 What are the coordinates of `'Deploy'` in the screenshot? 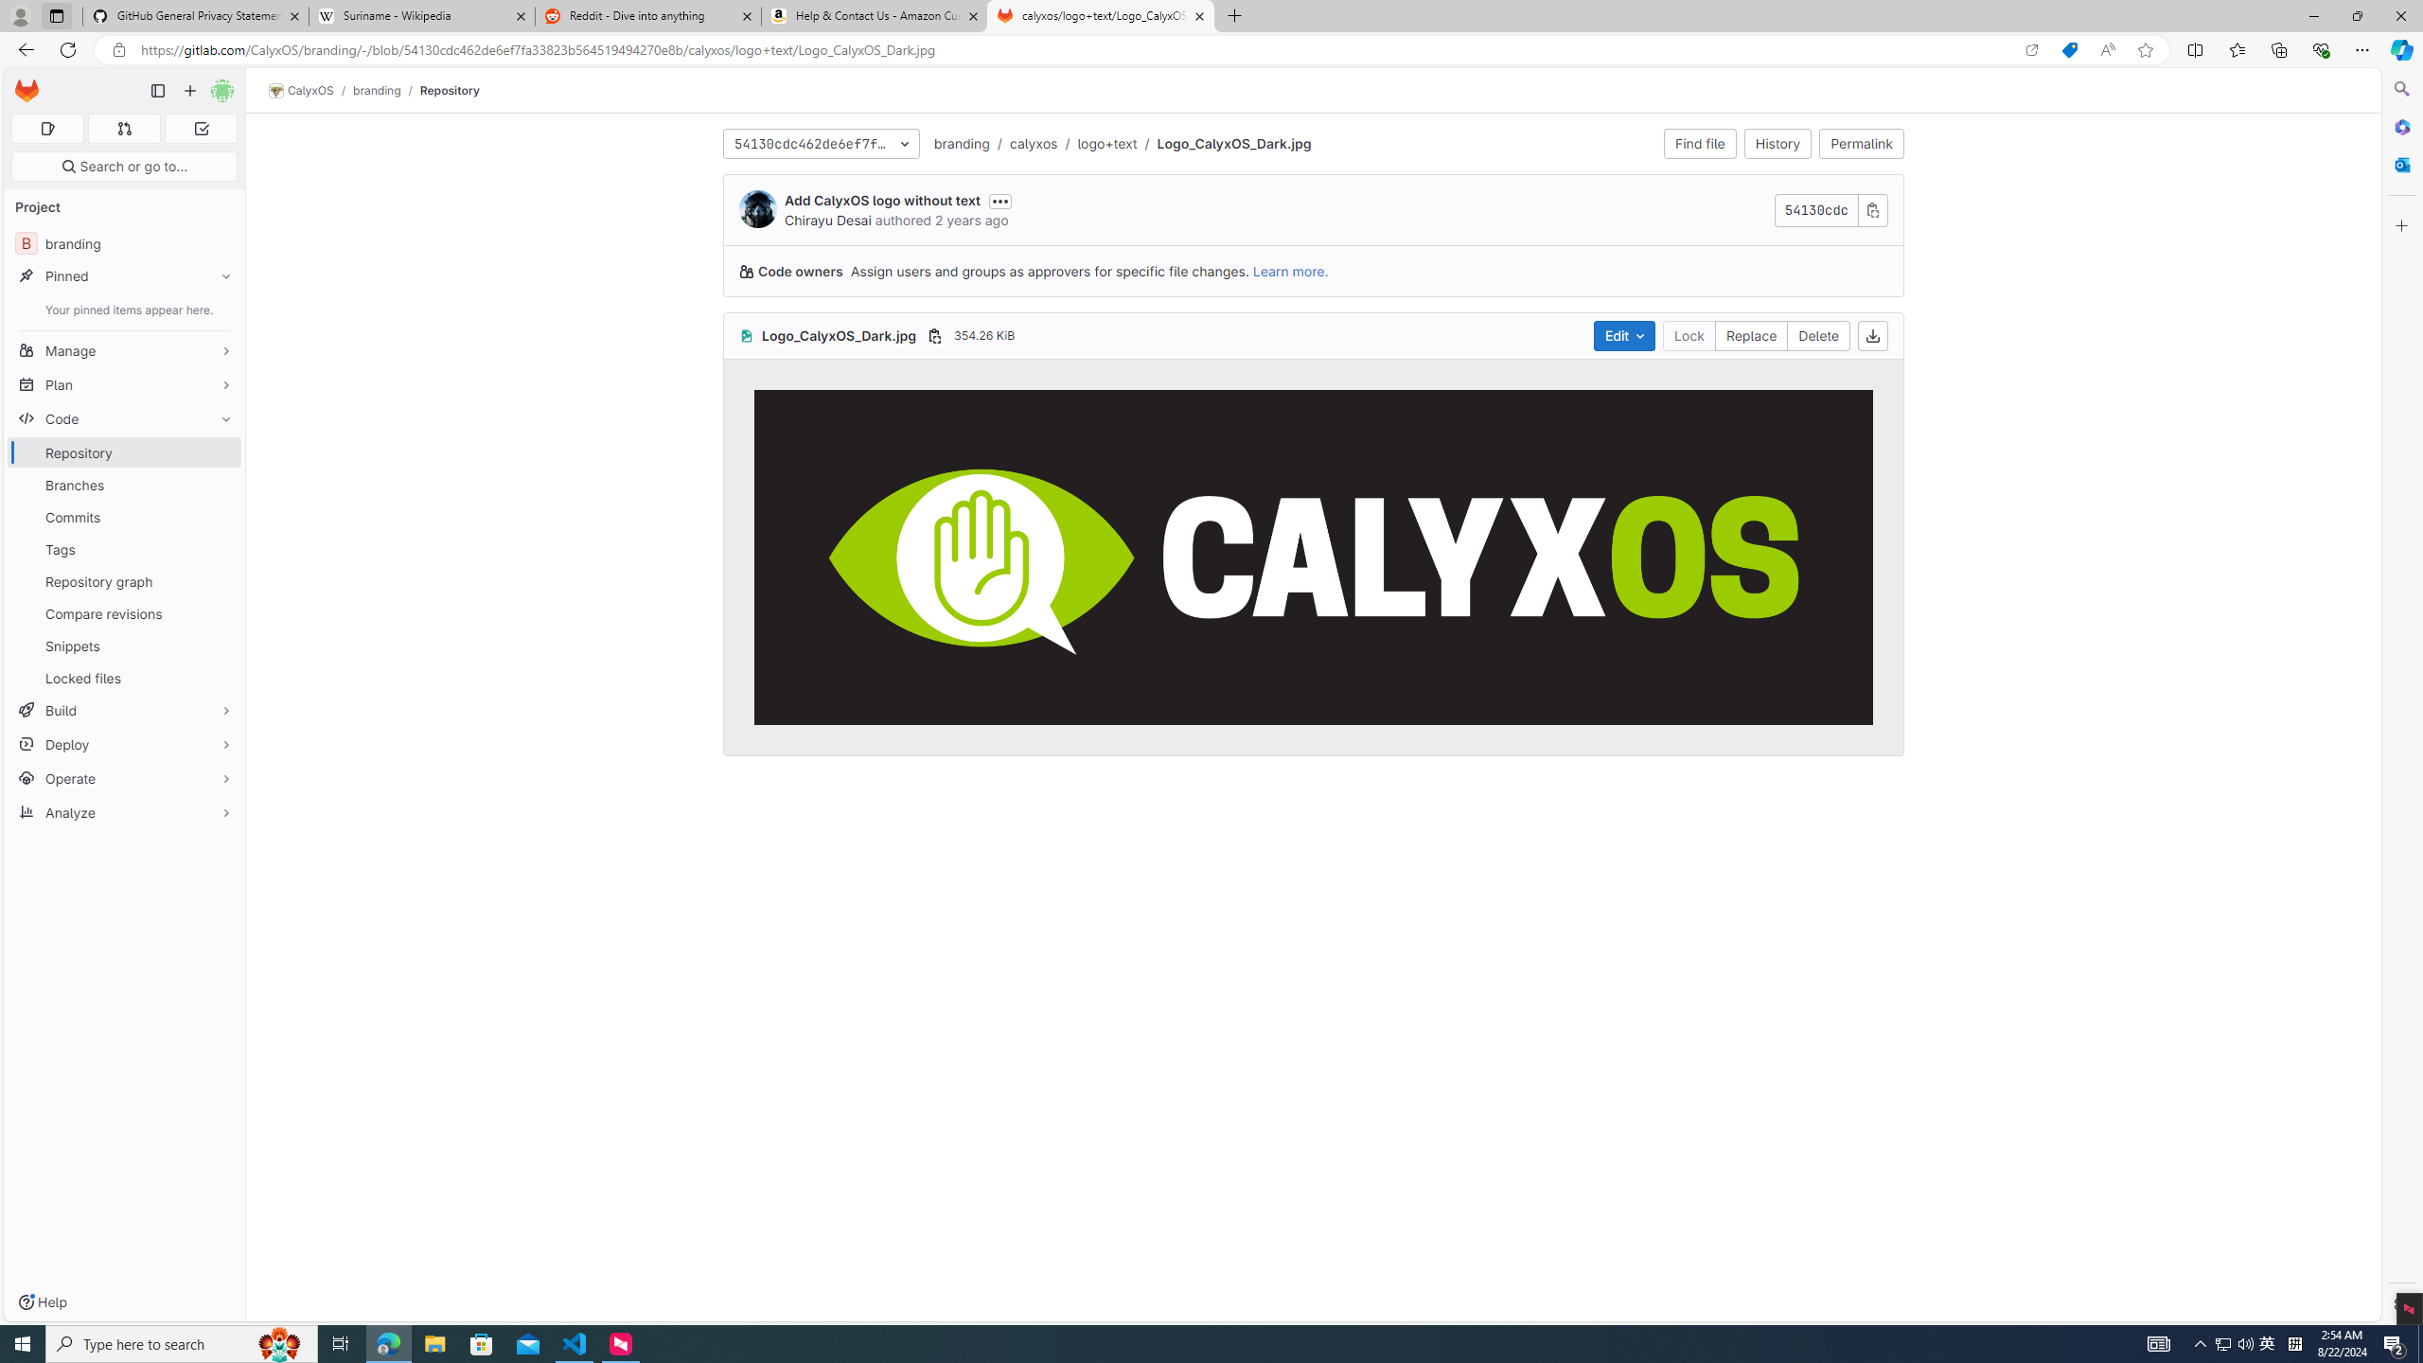 It's located at (123, 743).